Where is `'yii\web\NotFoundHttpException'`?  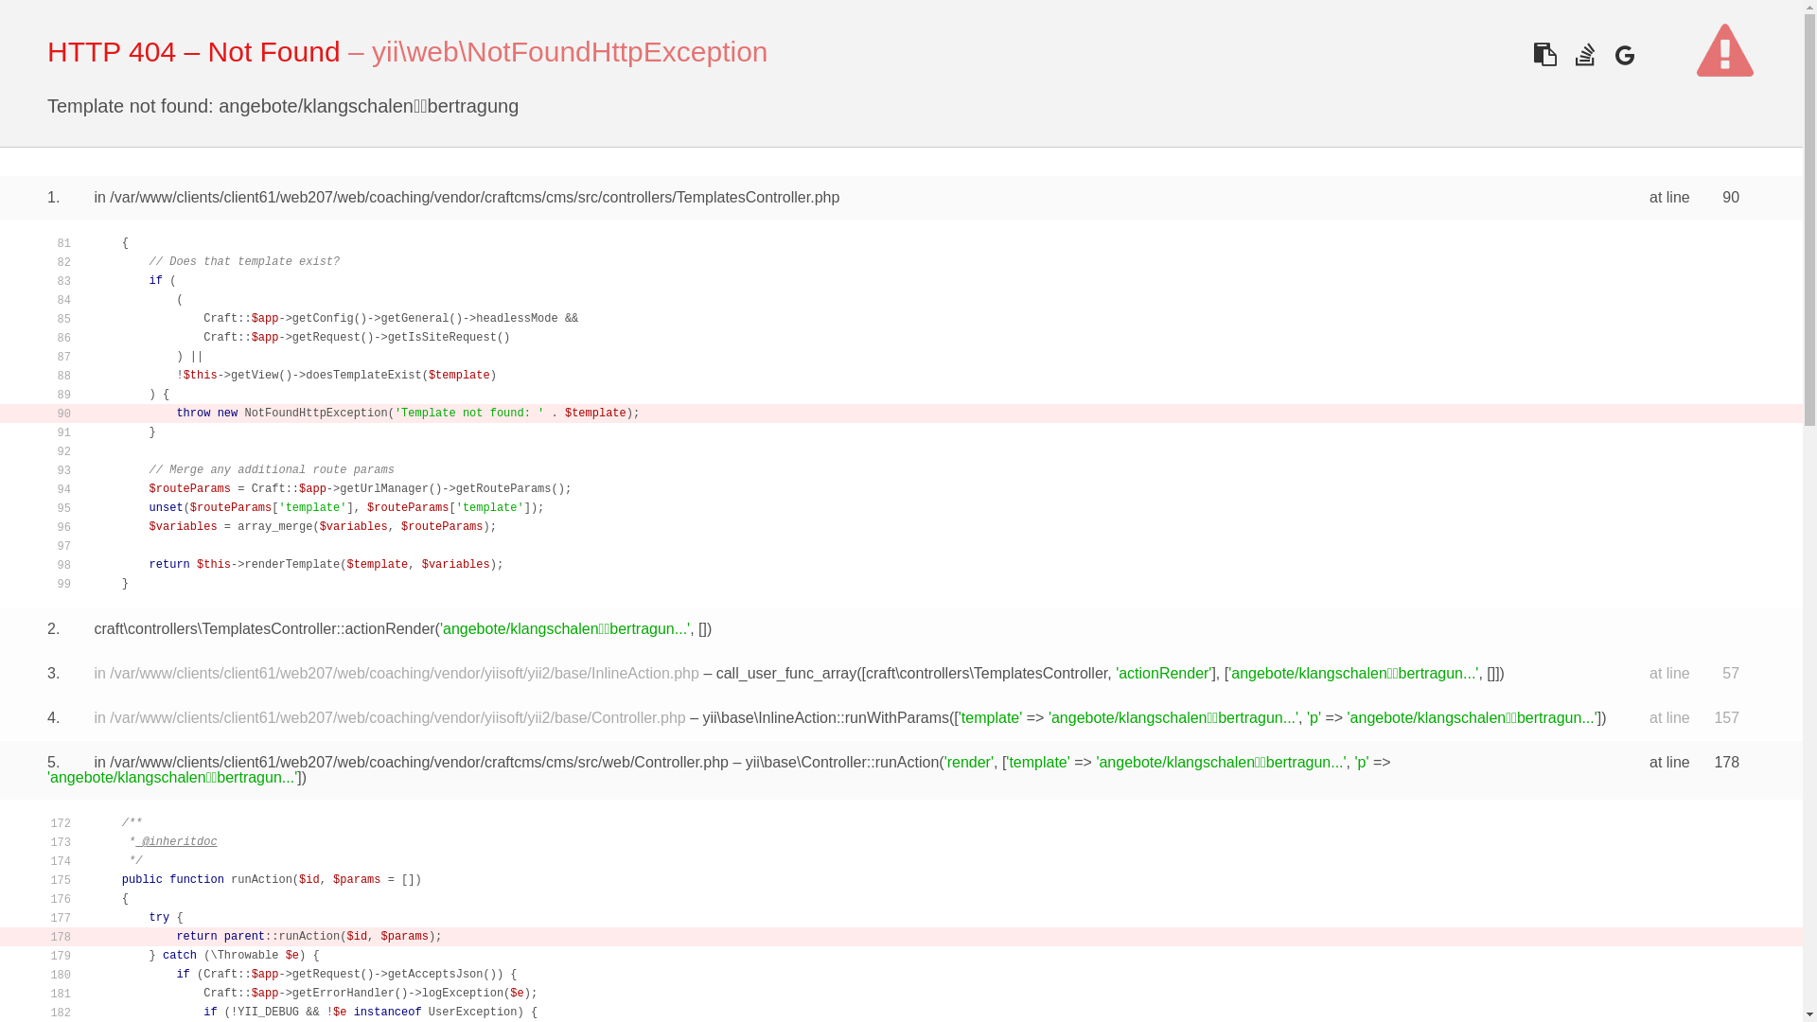
'yii\web\NotFoundHttpException' is located at coordinates (569, 50).